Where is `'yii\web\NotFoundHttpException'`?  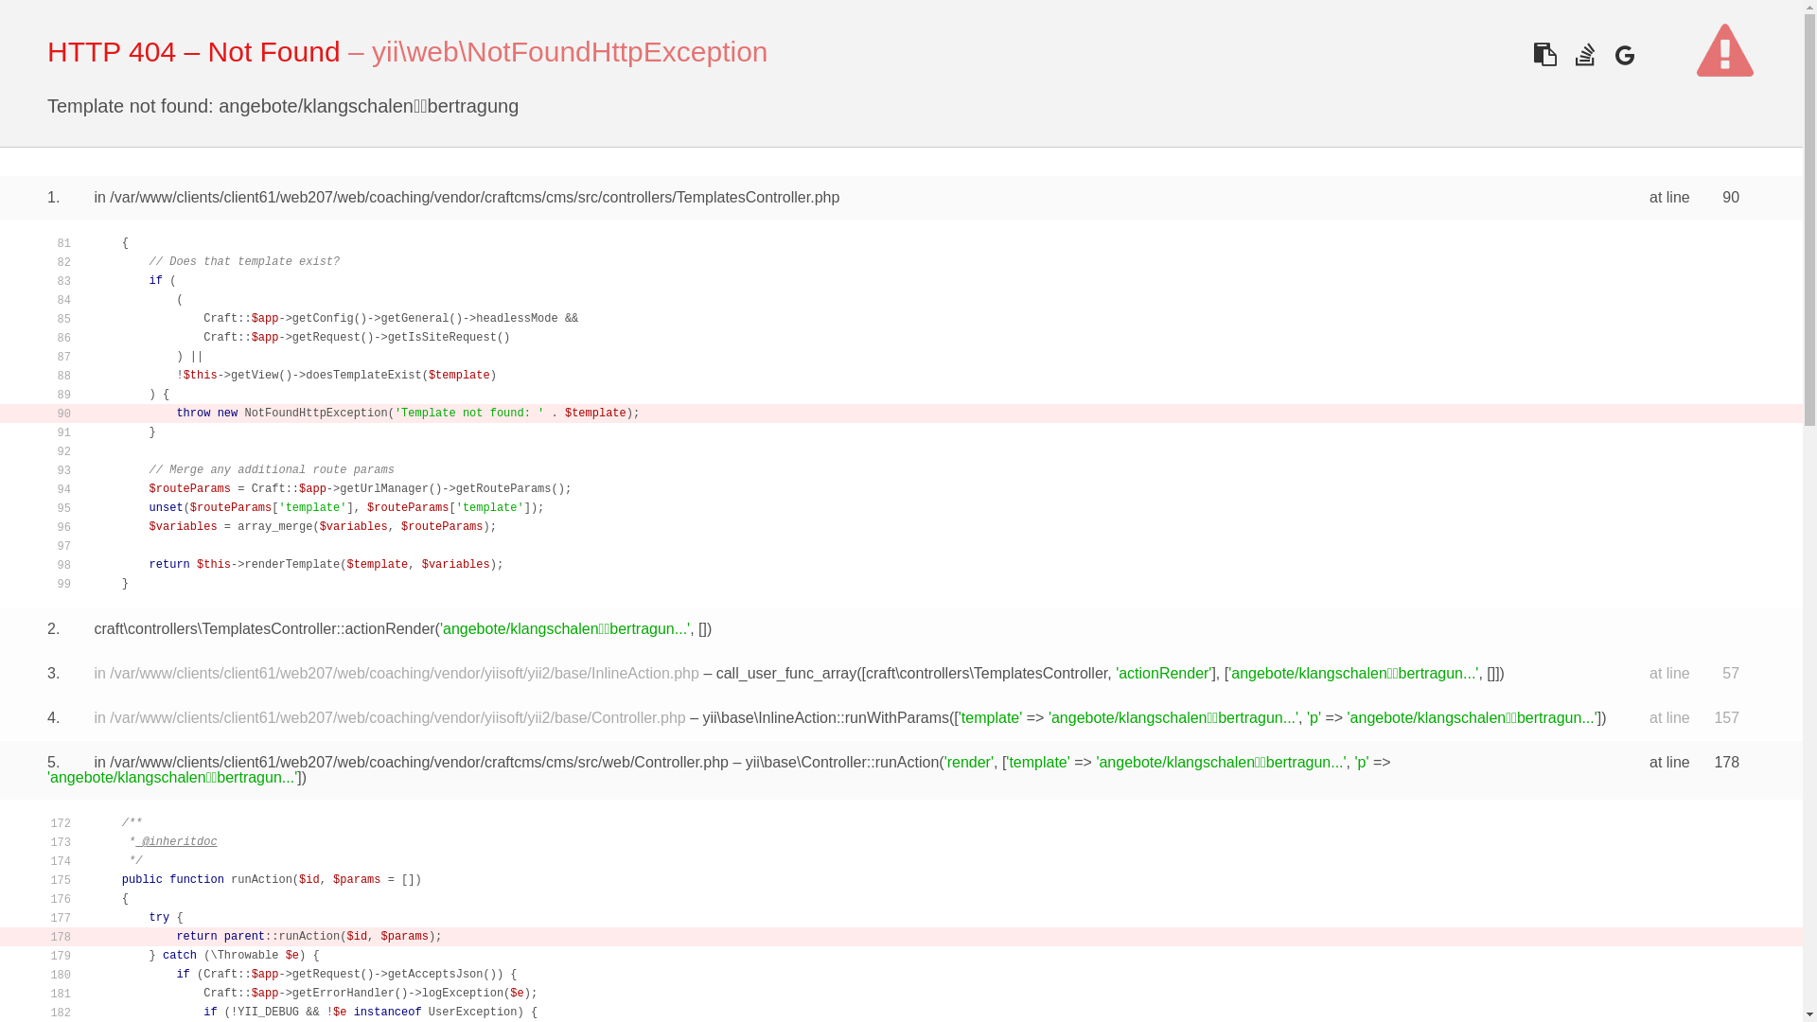
'yii\web\NotFoundHttpException' is located at coordinates (569, 50).